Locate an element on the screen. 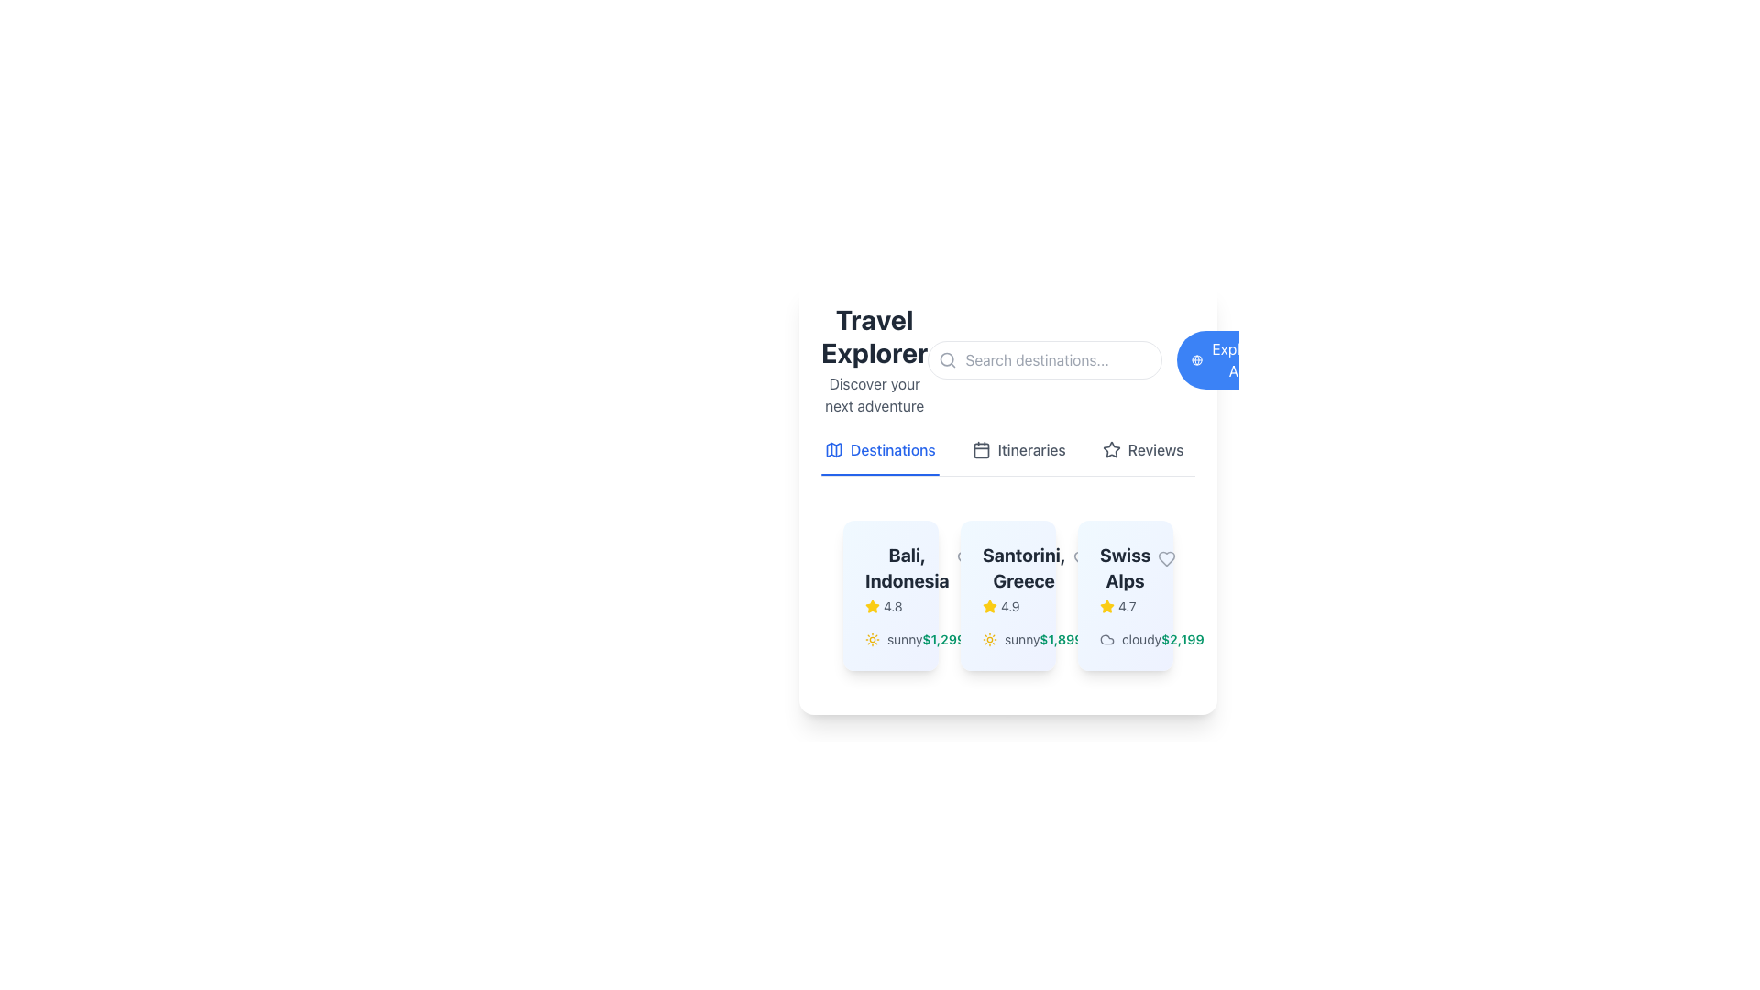 This screenshot has height=990, width=1760. the weather conditions descriptor indicating 'sunny' for the 'Santorini, Greece' card, which is the second horizontally-aligned descriptor in the bottom section of the card is located at coordinates (1006, 639).